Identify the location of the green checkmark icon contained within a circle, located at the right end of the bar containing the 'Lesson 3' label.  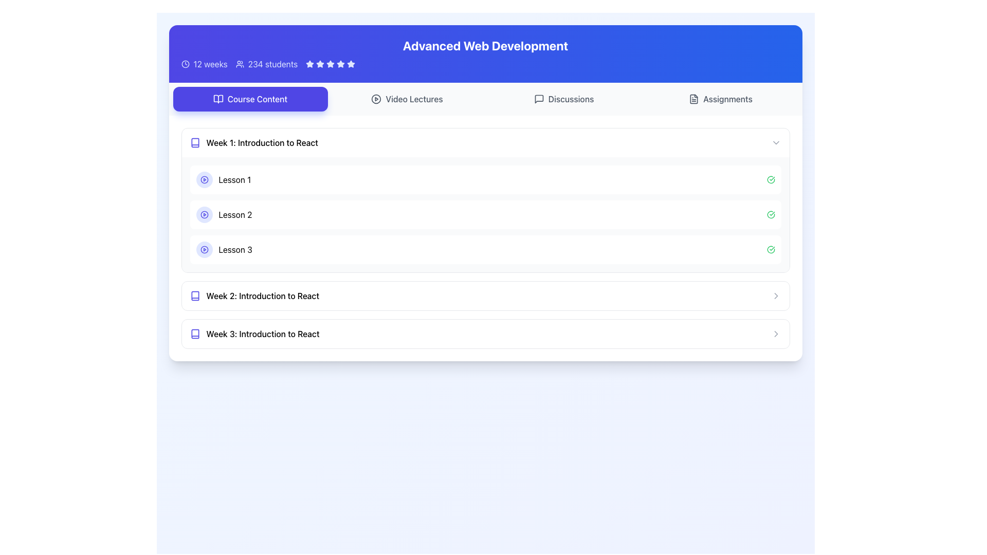
(771, 250).